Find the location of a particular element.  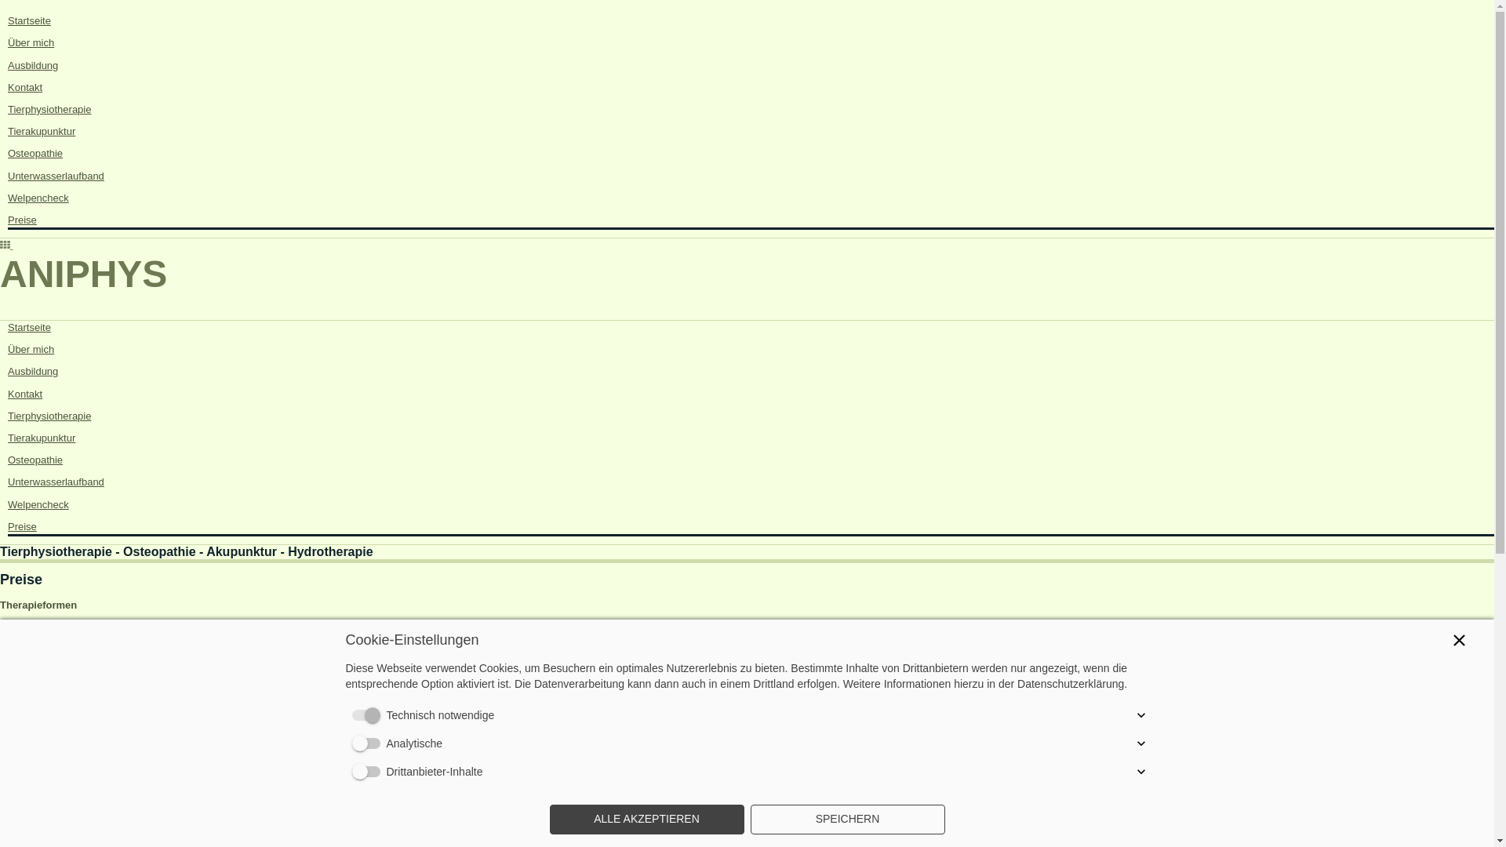

'Osteopathie' is located at coordinates (35, 459).